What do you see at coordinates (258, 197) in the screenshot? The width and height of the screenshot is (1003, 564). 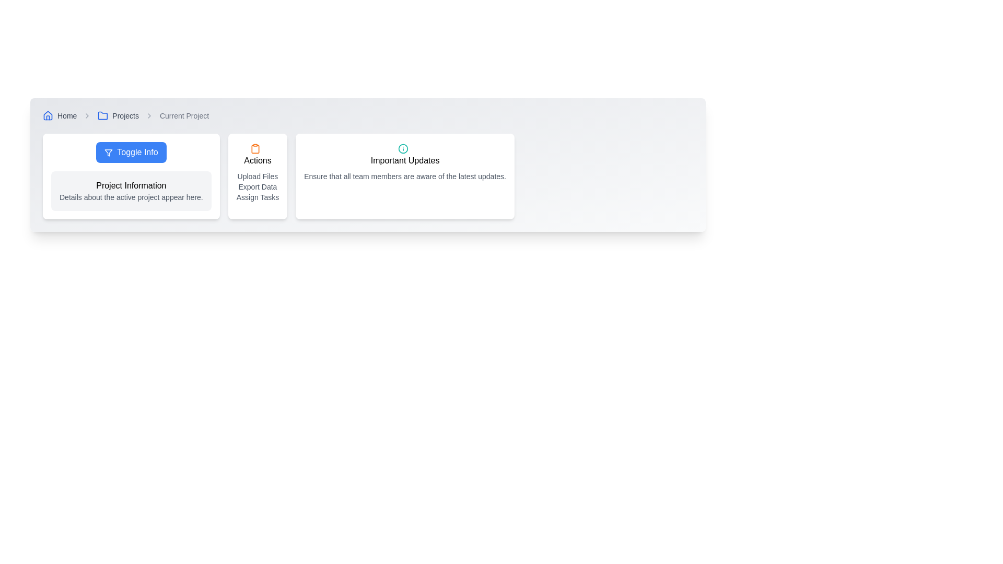 I see `the 'Assign Tasks' text label, which is the third item in the vertically aligned 'Actions' section list` at bounding box center [258, 197].